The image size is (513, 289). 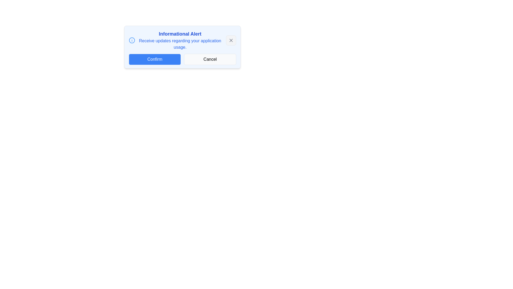 What do you see at coordinates (154, 59) in the screenshot?
I see `the confirm button located at the bottom left of the modal dialog to prepare for keyboard interaction` at bounding box center [154, 59].